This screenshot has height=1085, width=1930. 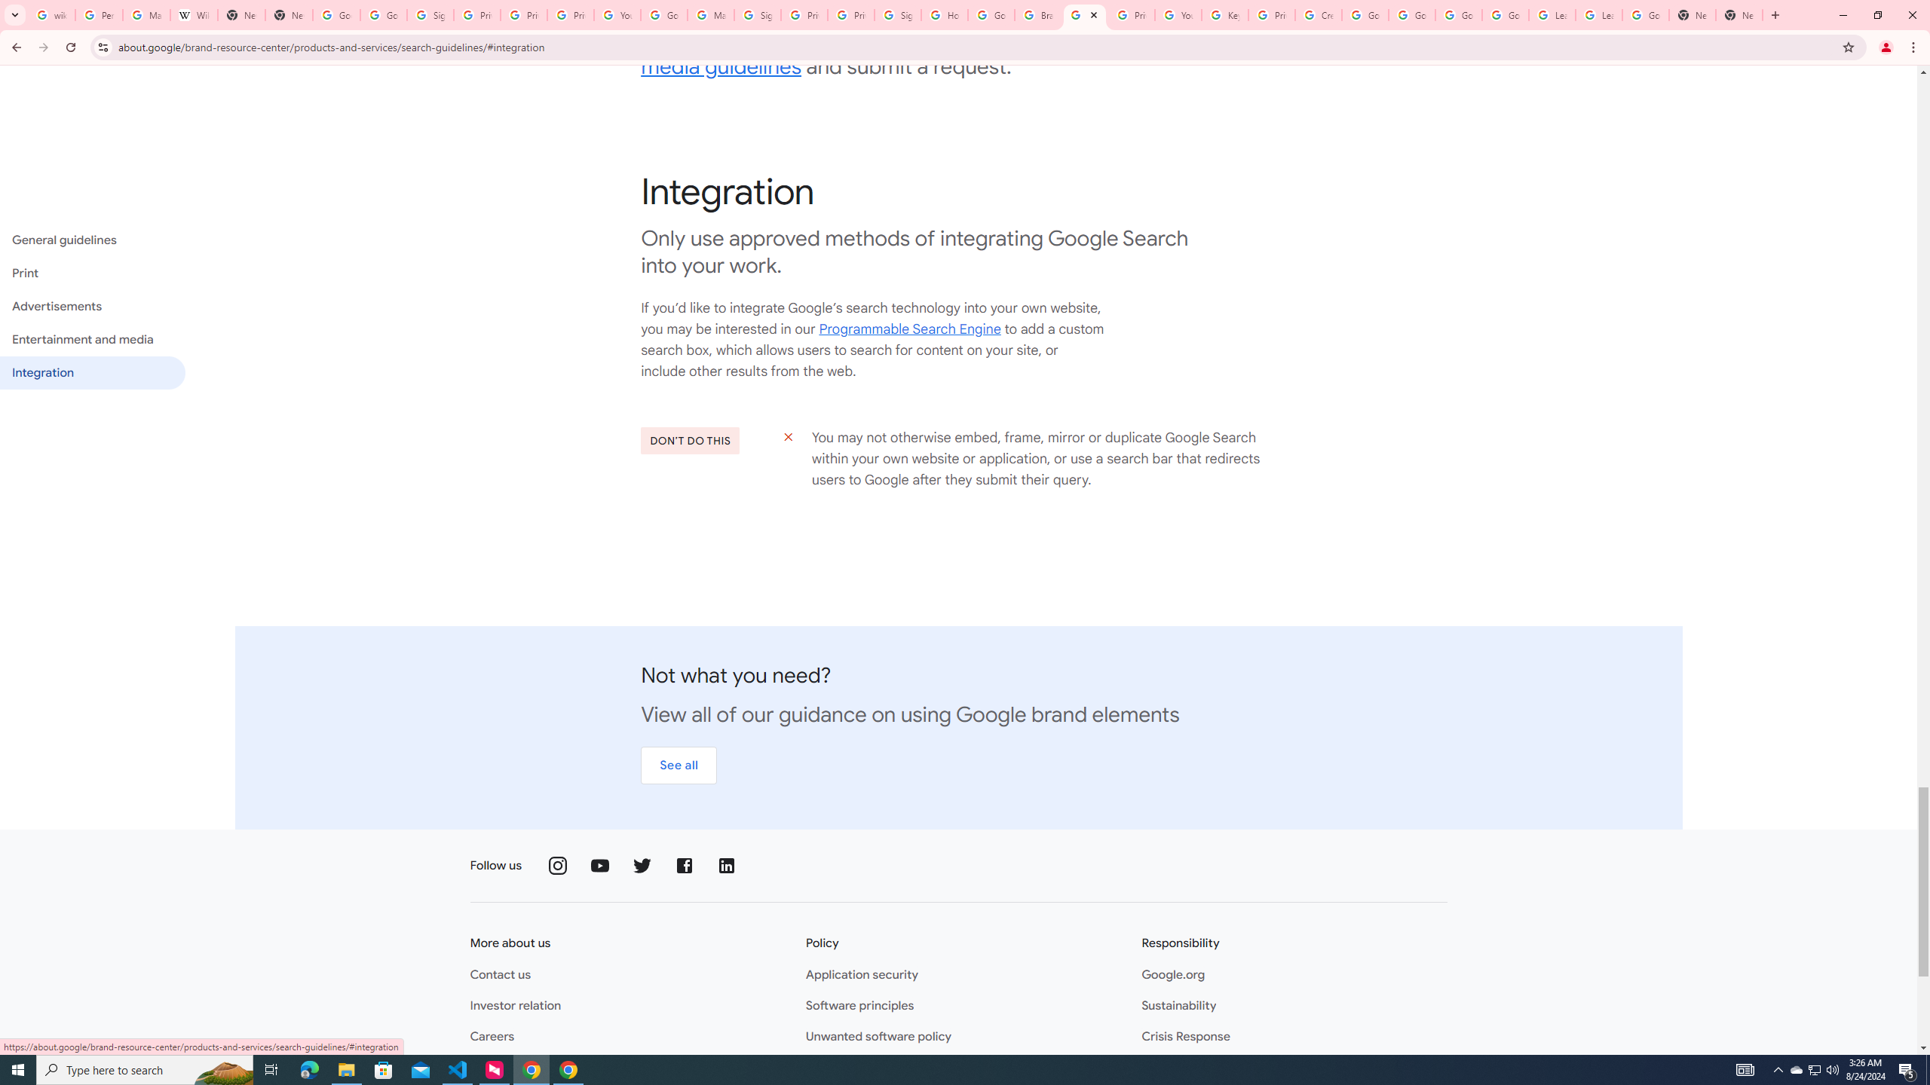 What do you see at coordinates (1411, 14) in the screenshot?
I see `'Google Account Help'` at bounding box center [1411, 14].